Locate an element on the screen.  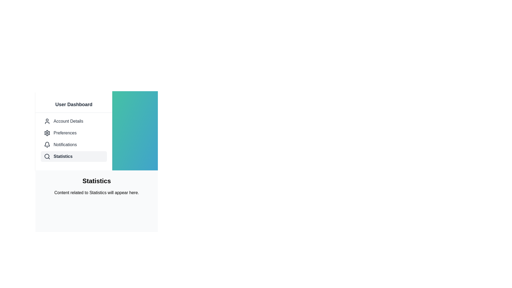
the 'Notifications' sidebar menu item located under 'User Dashboard', which is the third option from the top in the left-side navigation panel is located at coordinates (74, 145).